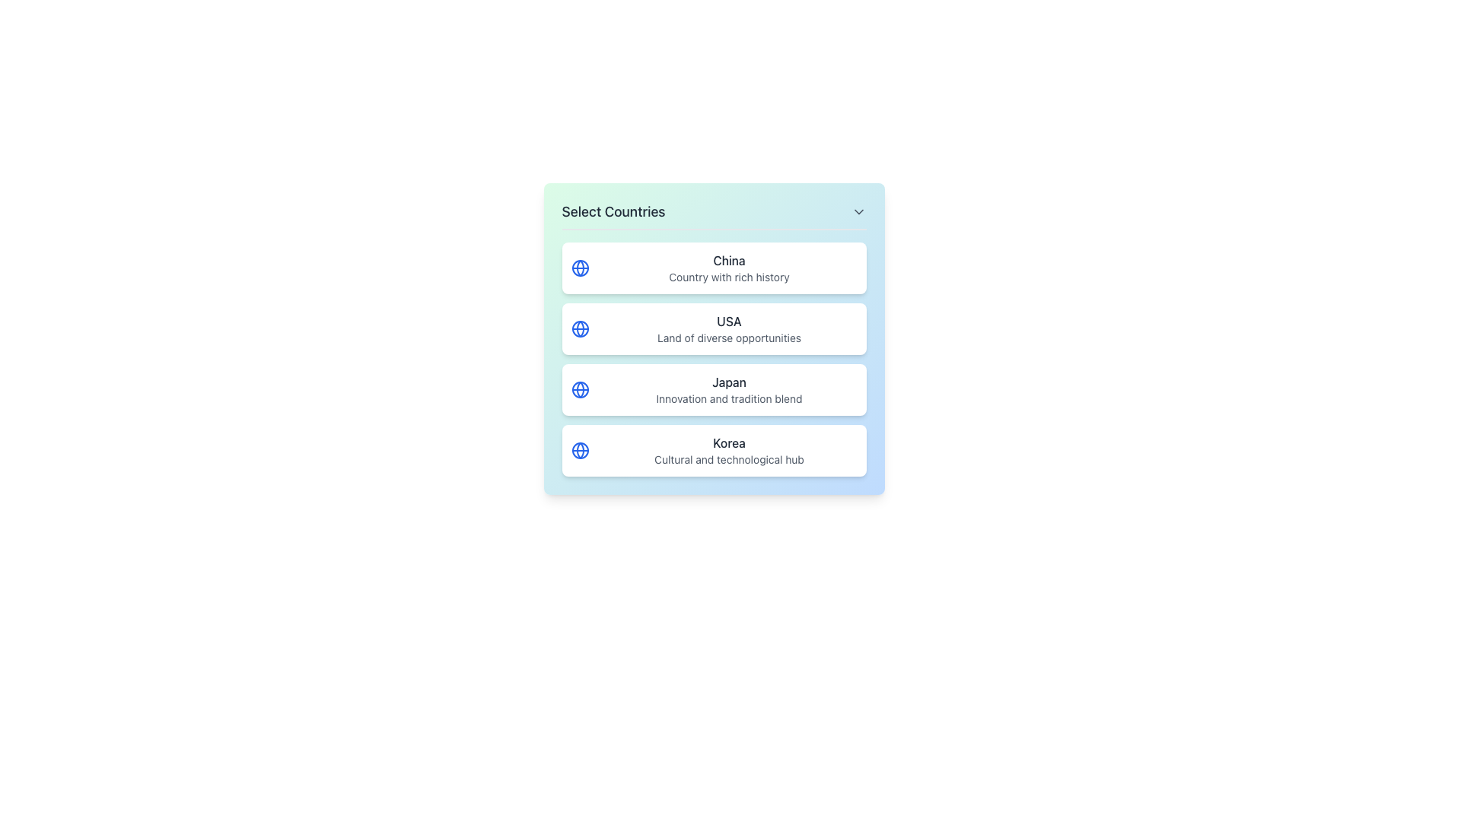  What do you see at coordinates (713, 450) in the screenshot?
I see `the selection button for Korea located at the bottom of the 'Select Countries' list` at bounding box center [713, 450].